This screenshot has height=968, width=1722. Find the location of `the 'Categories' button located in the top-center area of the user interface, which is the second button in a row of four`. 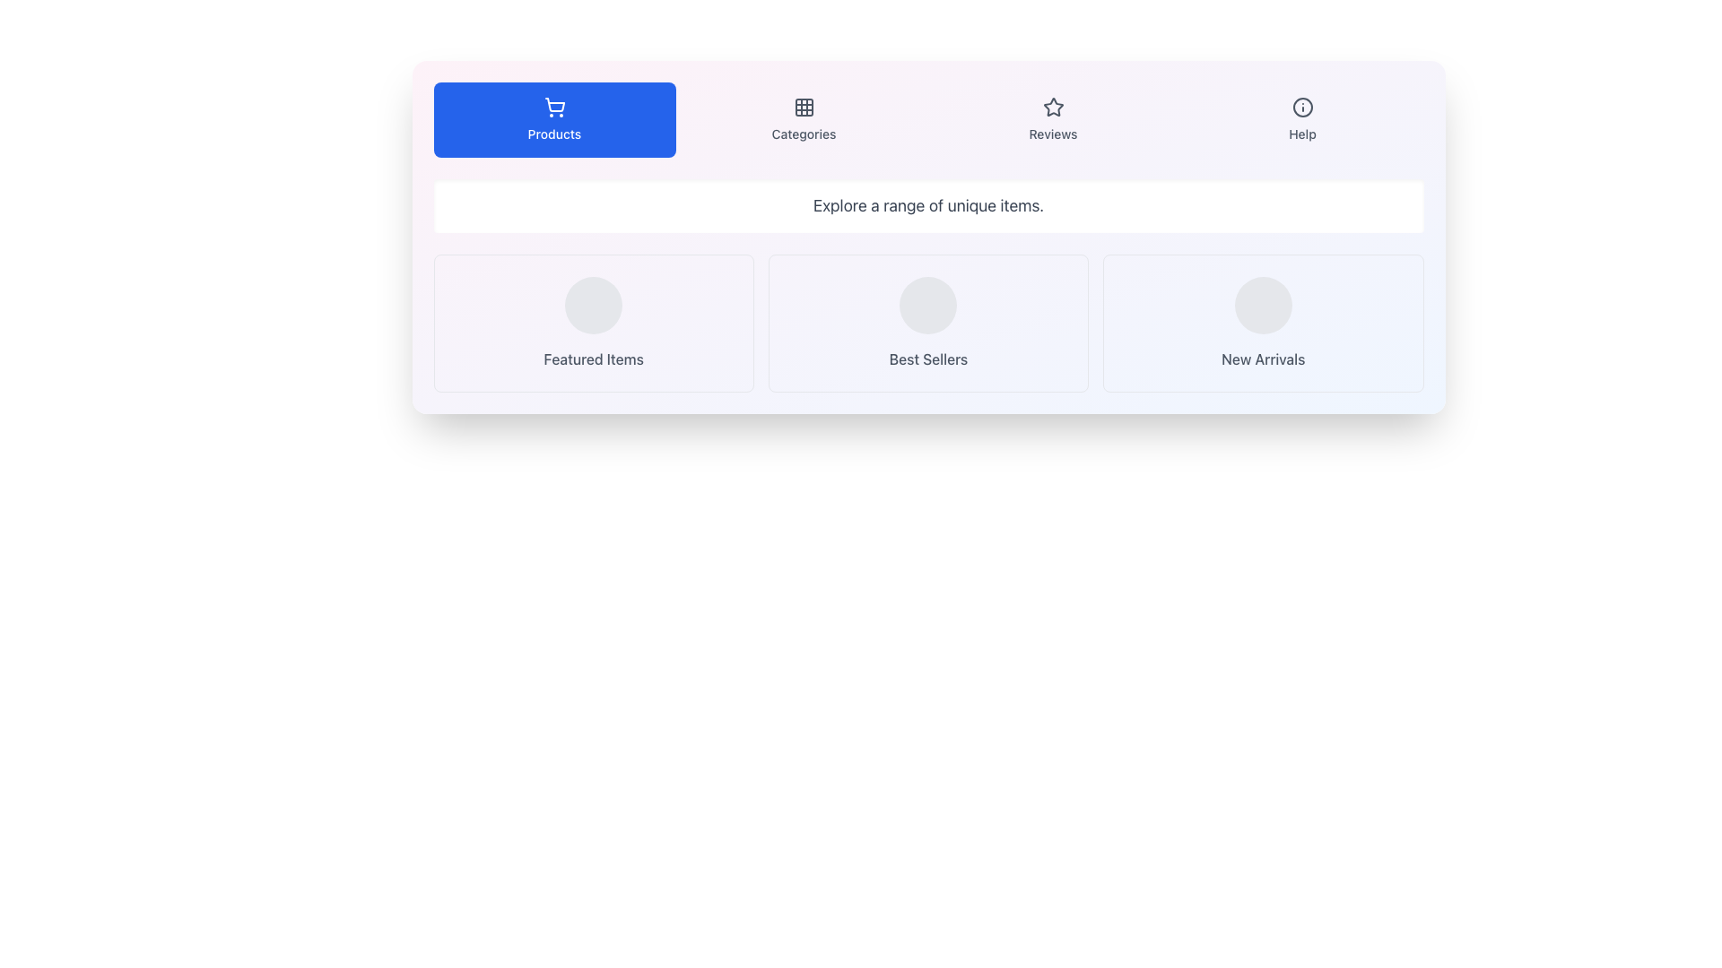

the 'Categories' button located in the top-center area of the user interface, which is the second button in a row of four is located at coordinates (803, 120).